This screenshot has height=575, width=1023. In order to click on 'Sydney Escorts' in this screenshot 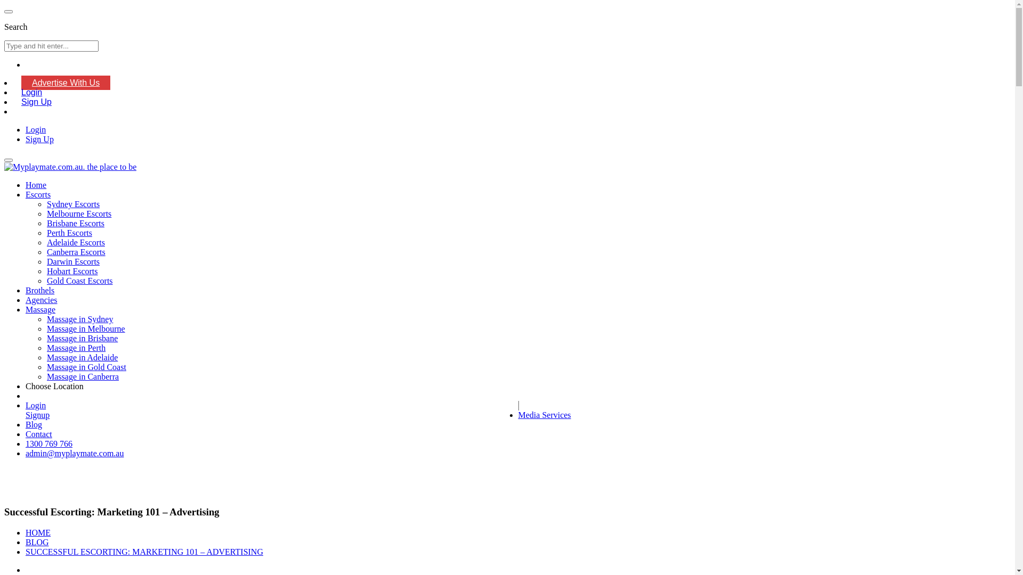, I will do `click(72, 204)`.